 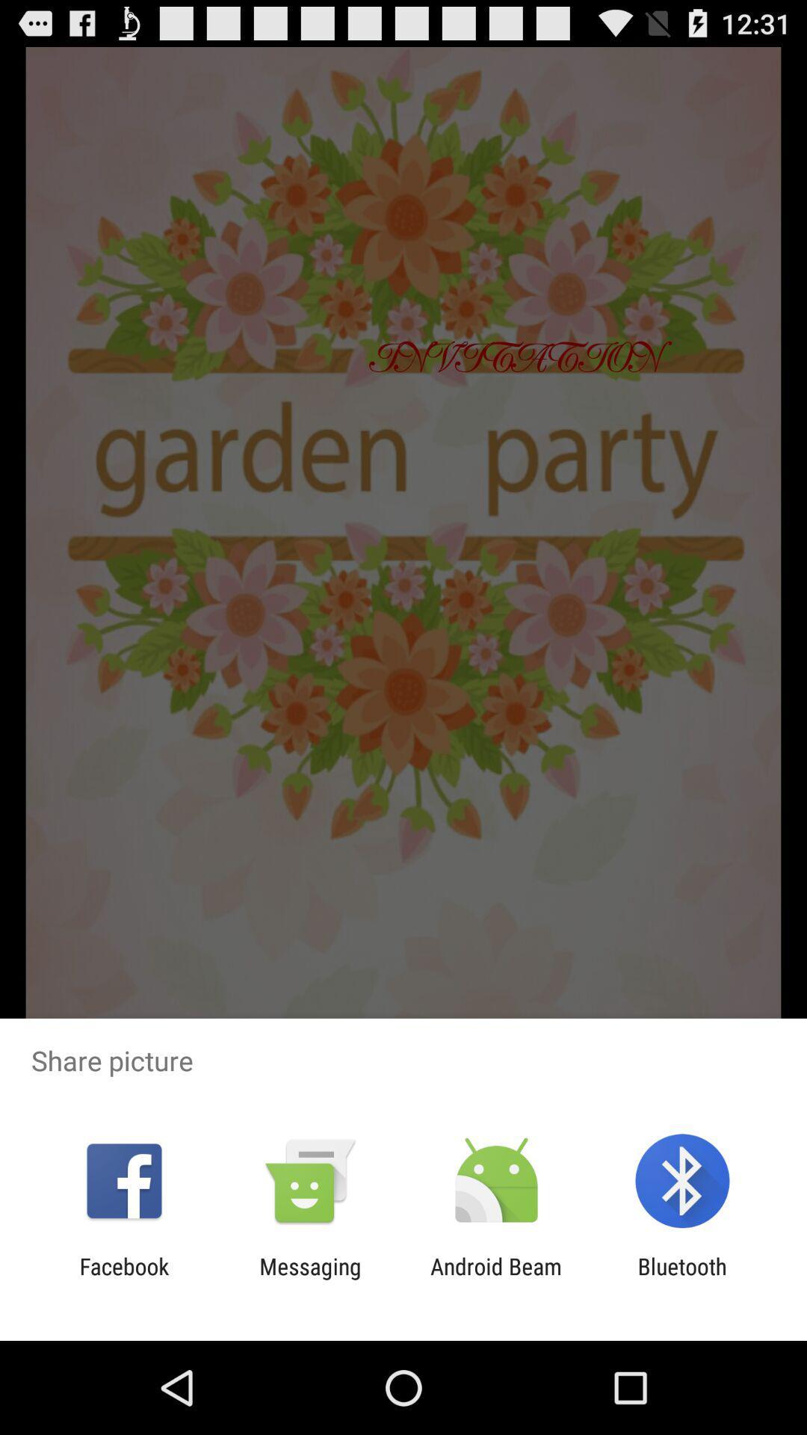 What do you see at coordinates (496, 1279) in the screenshot?
I see `the icon next to the messaging app` at bounding box center [496, 1279].